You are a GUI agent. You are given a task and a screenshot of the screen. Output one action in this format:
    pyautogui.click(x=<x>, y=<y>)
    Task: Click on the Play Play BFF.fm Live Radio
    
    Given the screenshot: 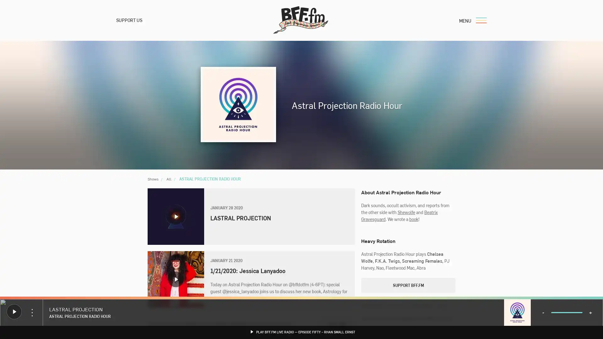 What is the action you would take?
    pyautogui.click(x=6, y=305)
    